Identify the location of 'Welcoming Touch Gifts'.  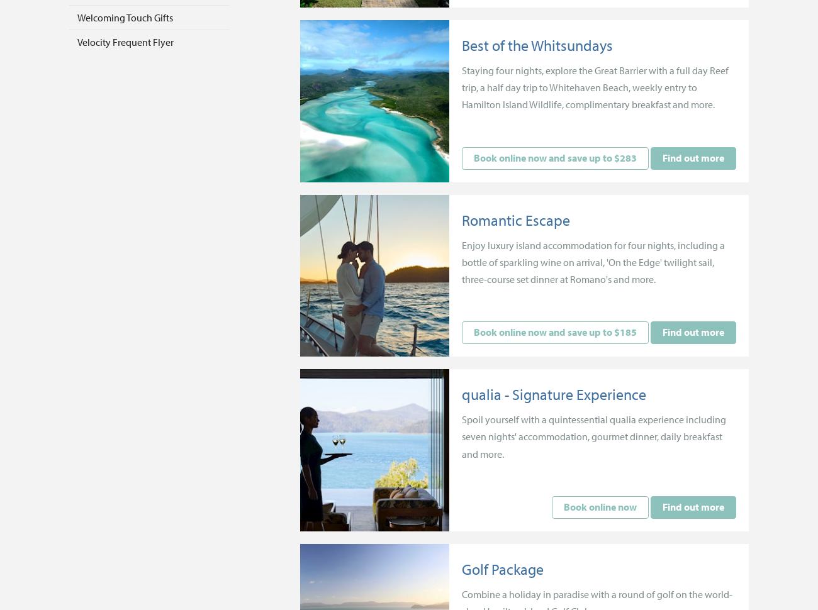
(125, 16).